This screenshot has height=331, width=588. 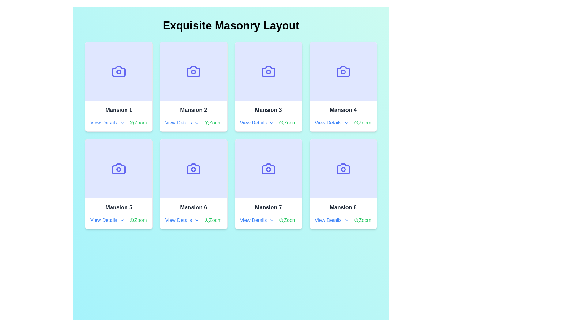 I want to click on the camera icon styled in purple indigo located within the 'Mansion 4' card in the second row, fourth column of the grid layout, so click(x=343, y=71).